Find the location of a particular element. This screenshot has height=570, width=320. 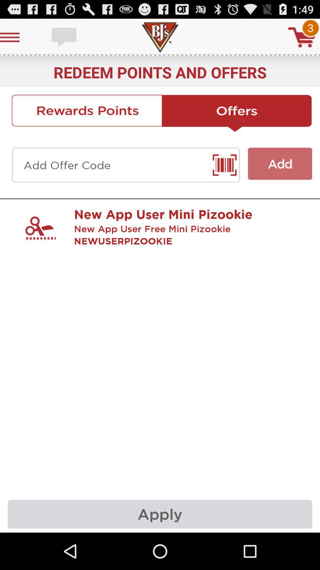

click on add button is located at coordinates (280, 164).